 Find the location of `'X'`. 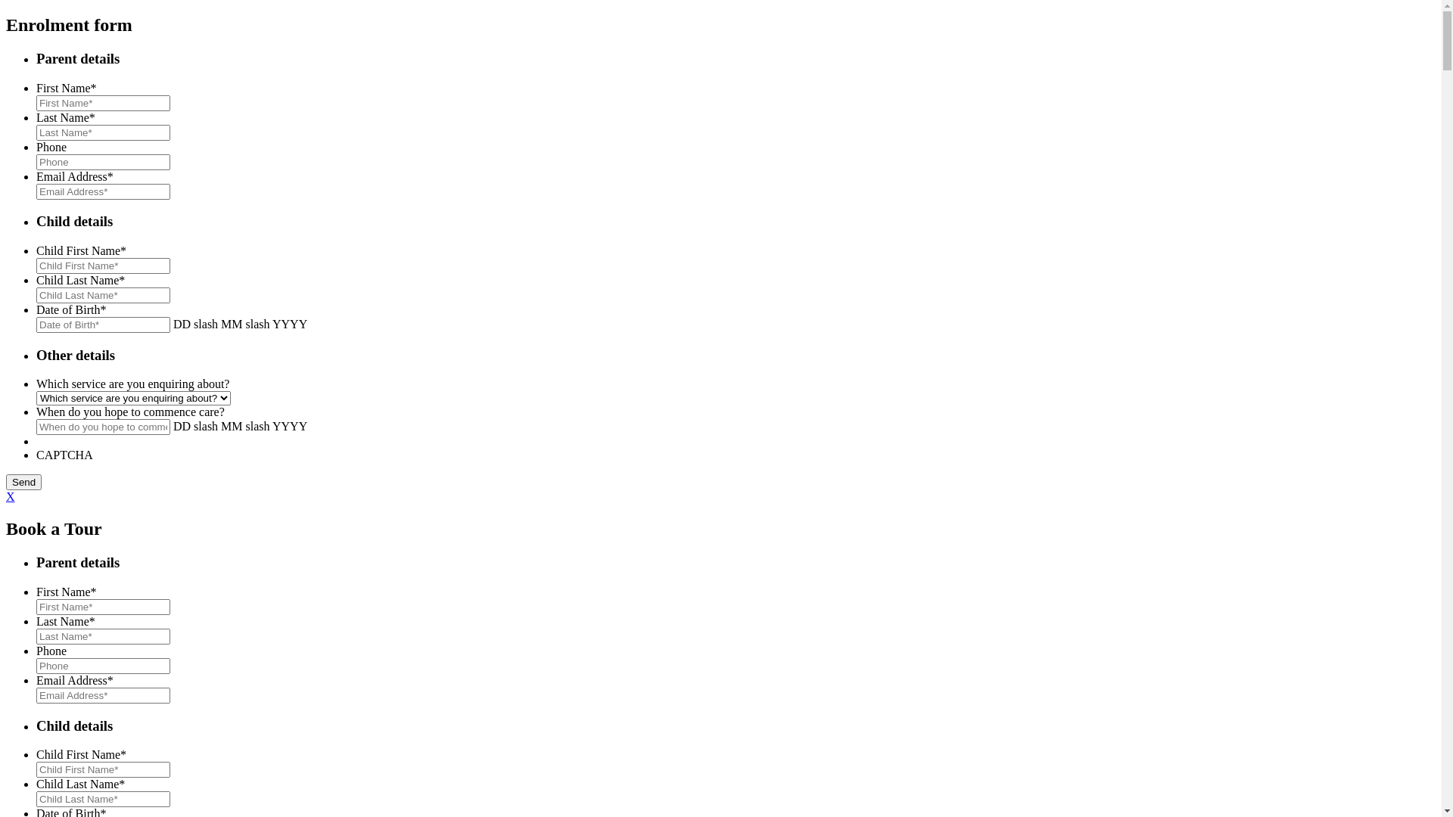

'X' is located at coordinates (11, 496).